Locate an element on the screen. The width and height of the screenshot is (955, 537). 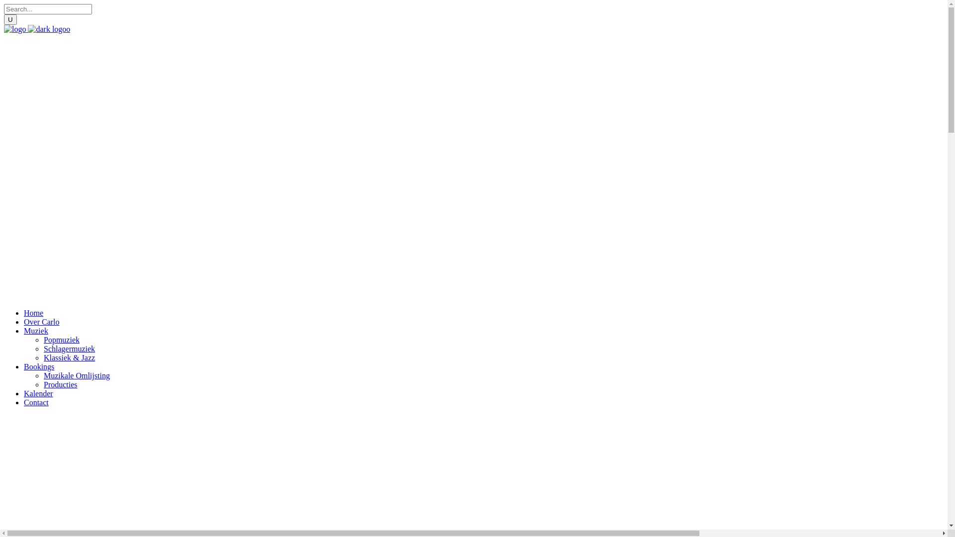
'Home' is located at coordinates (24, 312).